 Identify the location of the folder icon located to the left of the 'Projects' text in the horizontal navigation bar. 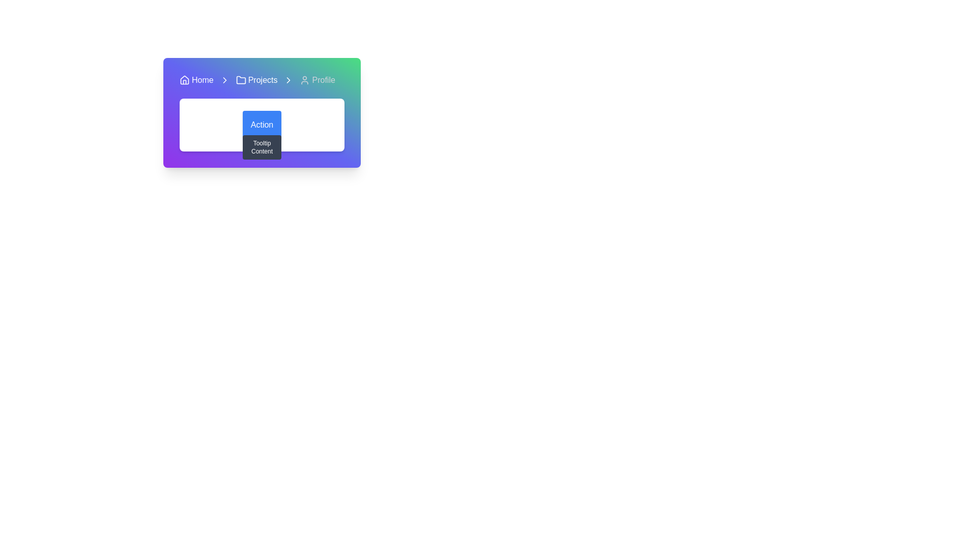
(240, 80).